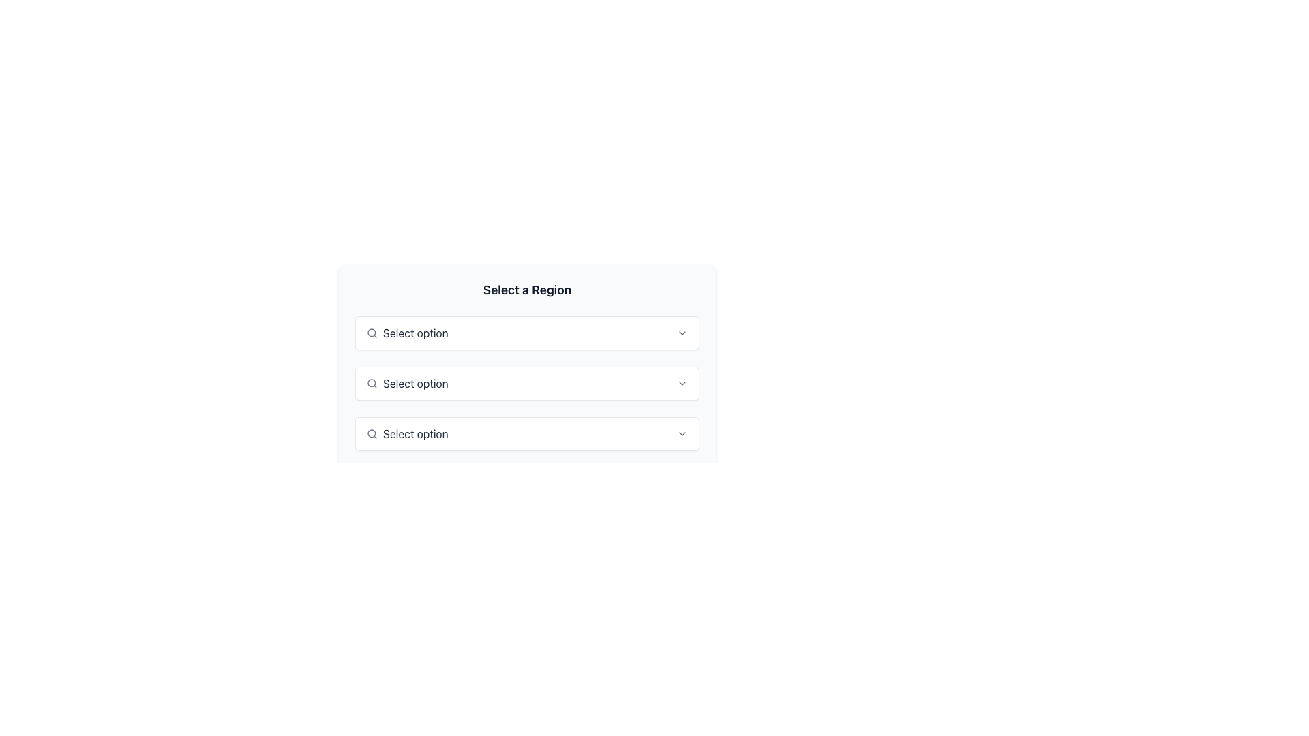 This screenshot has width=1309, height=736. I want to click on the search icon located in the second dropdown option, aligned to the left, which indicates an input field for querying or selecting options, so click(372, 383).